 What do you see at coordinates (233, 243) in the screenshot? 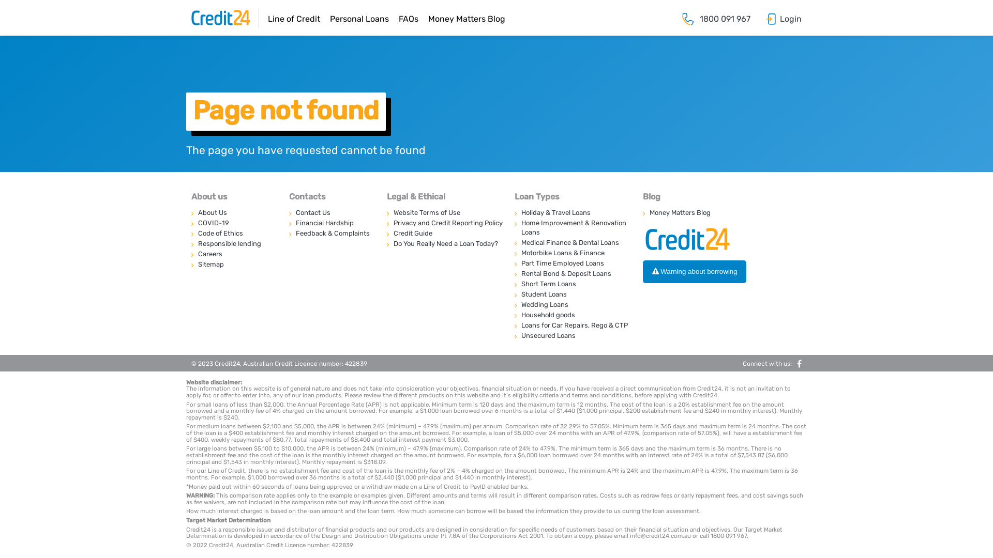
I see `'Responsible lending'` at bounding box center [233, 243].